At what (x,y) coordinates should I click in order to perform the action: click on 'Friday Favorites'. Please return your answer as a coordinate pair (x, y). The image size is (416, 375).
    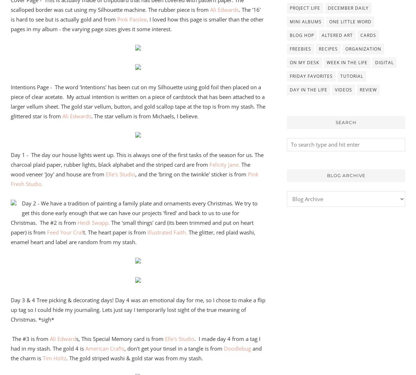
    Looking at the image, I should click on (311, 75).